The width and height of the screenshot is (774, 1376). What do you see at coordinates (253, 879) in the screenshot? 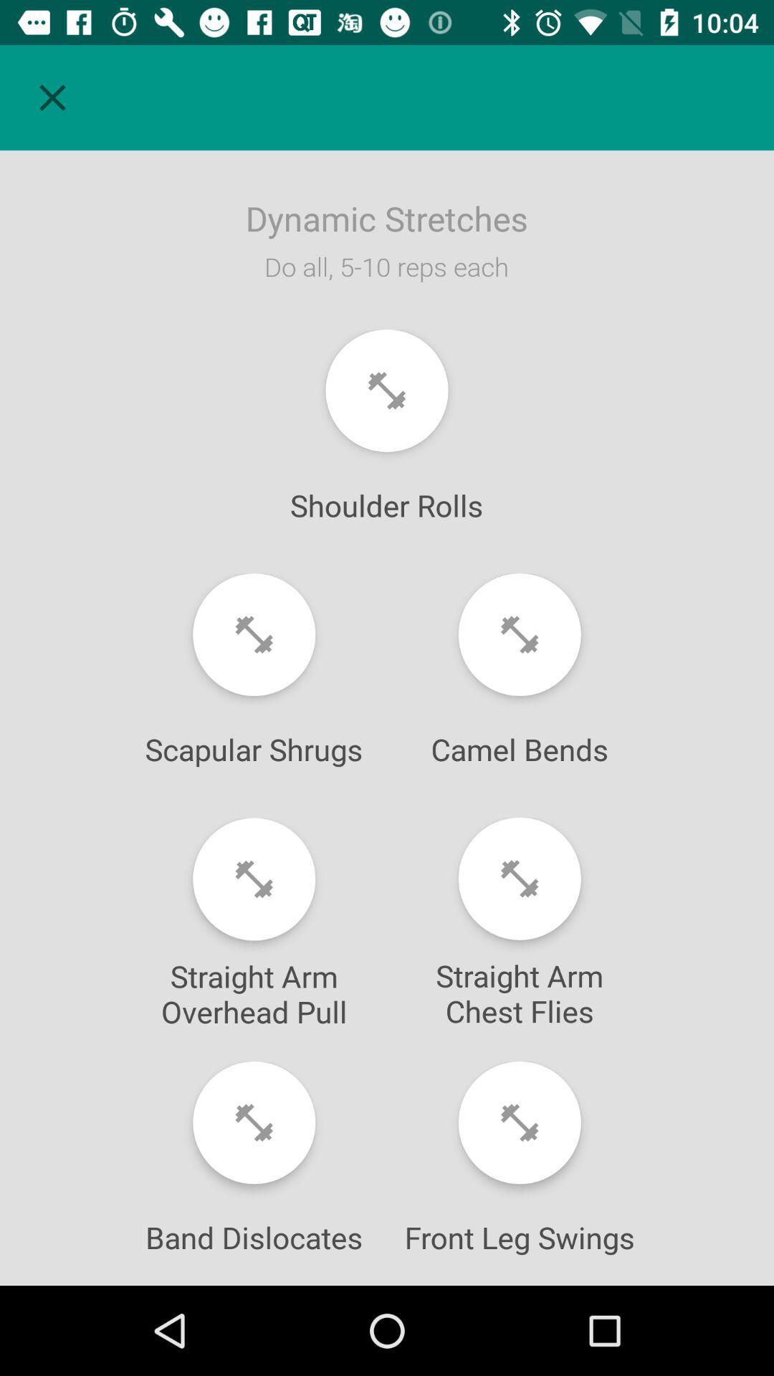
I see `straight arm overhead pull workout` at bounding box center [253, 879].